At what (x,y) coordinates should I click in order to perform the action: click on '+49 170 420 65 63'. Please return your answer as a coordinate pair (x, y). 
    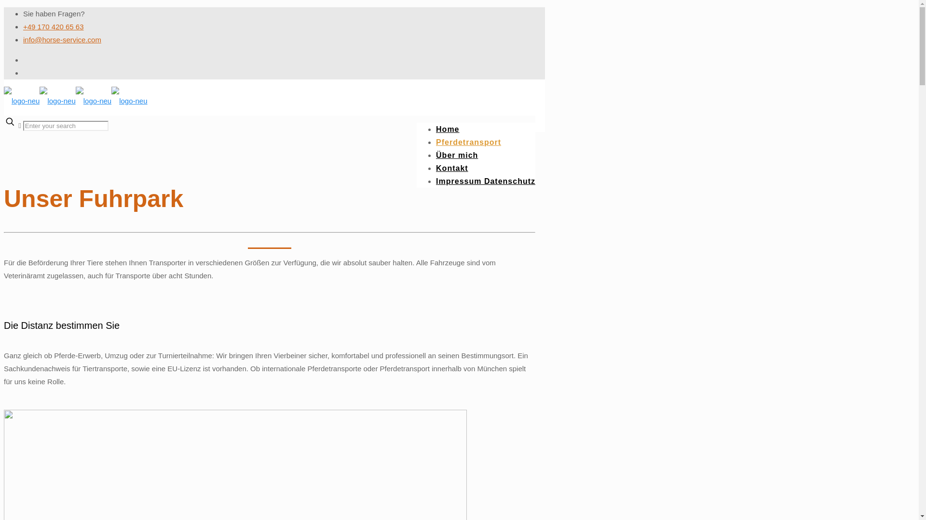
    Looking at the image, I should click on (53, 26).